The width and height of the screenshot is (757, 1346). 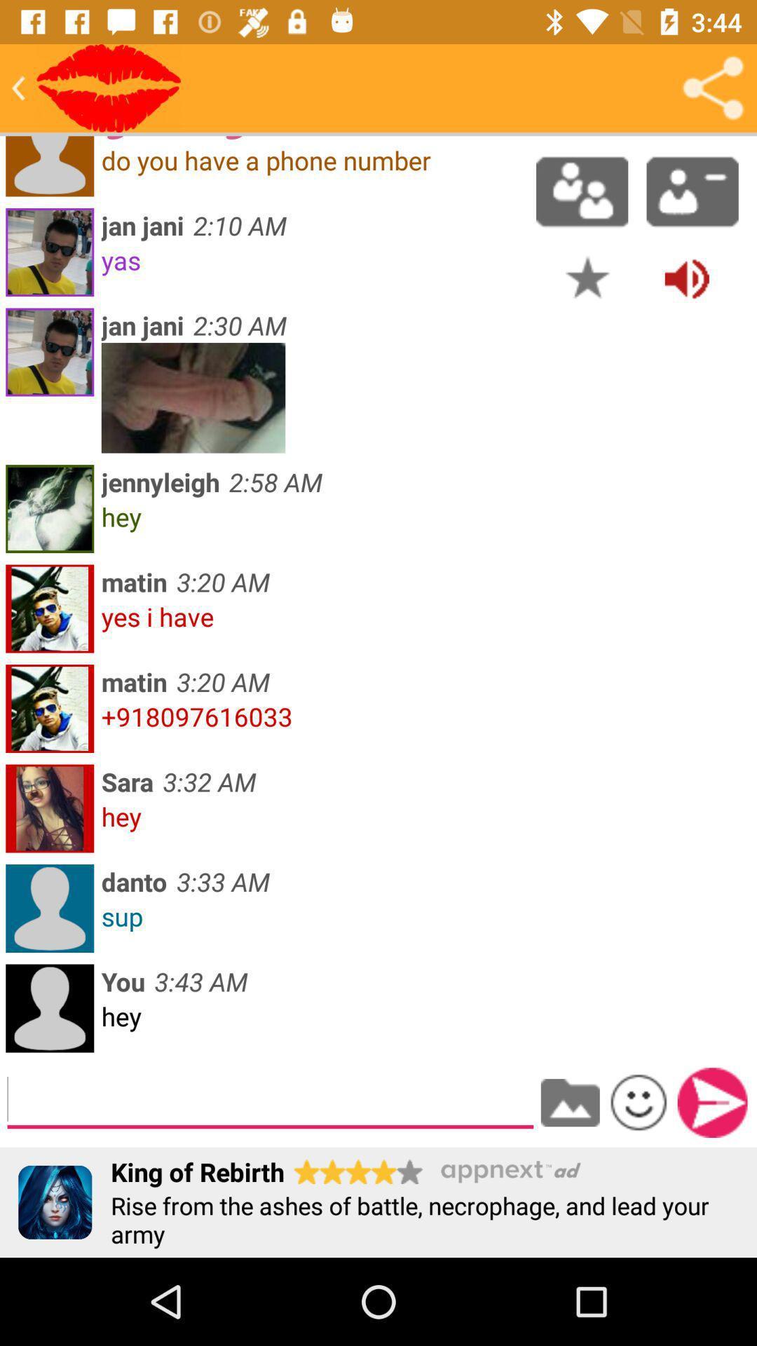 What do you see at coordinates (270, 1099) in the screenshot?
I see `leave a message` at bounding box center [270, 1099].